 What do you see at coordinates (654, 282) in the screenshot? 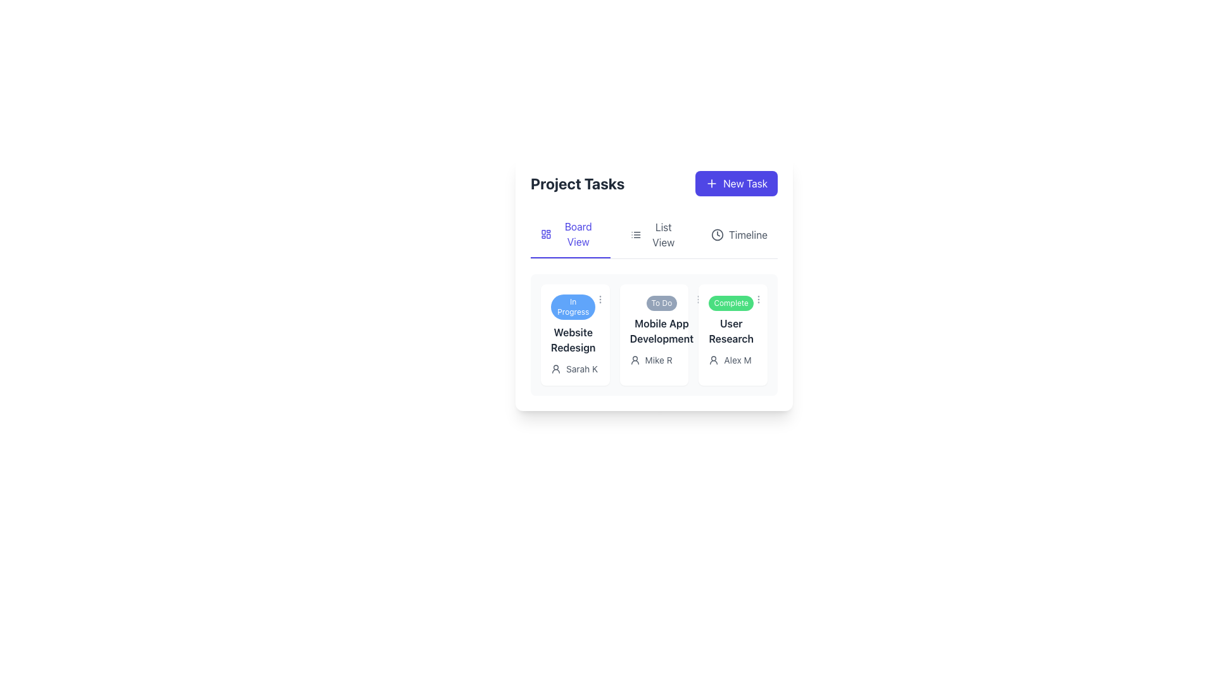
I see `the Information Card labeled 'Mobile App Development' which is located under the 'Board View' tab, specifically` at bounding box center [654, 282].